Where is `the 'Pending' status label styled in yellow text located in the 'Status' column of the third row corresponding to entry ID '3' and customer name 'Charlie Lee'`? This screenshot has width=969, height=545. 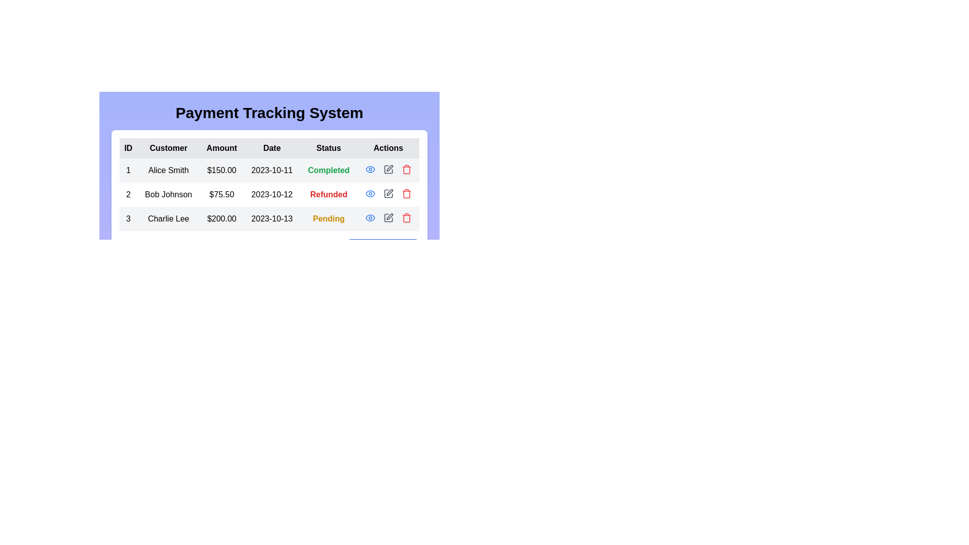
the 'Pending' status label styled in yellow text located in the 'Status' column of the third row corresponding to entry ID '3' and customer name 'Charlie Lee' is located at coordinates (329, 219).